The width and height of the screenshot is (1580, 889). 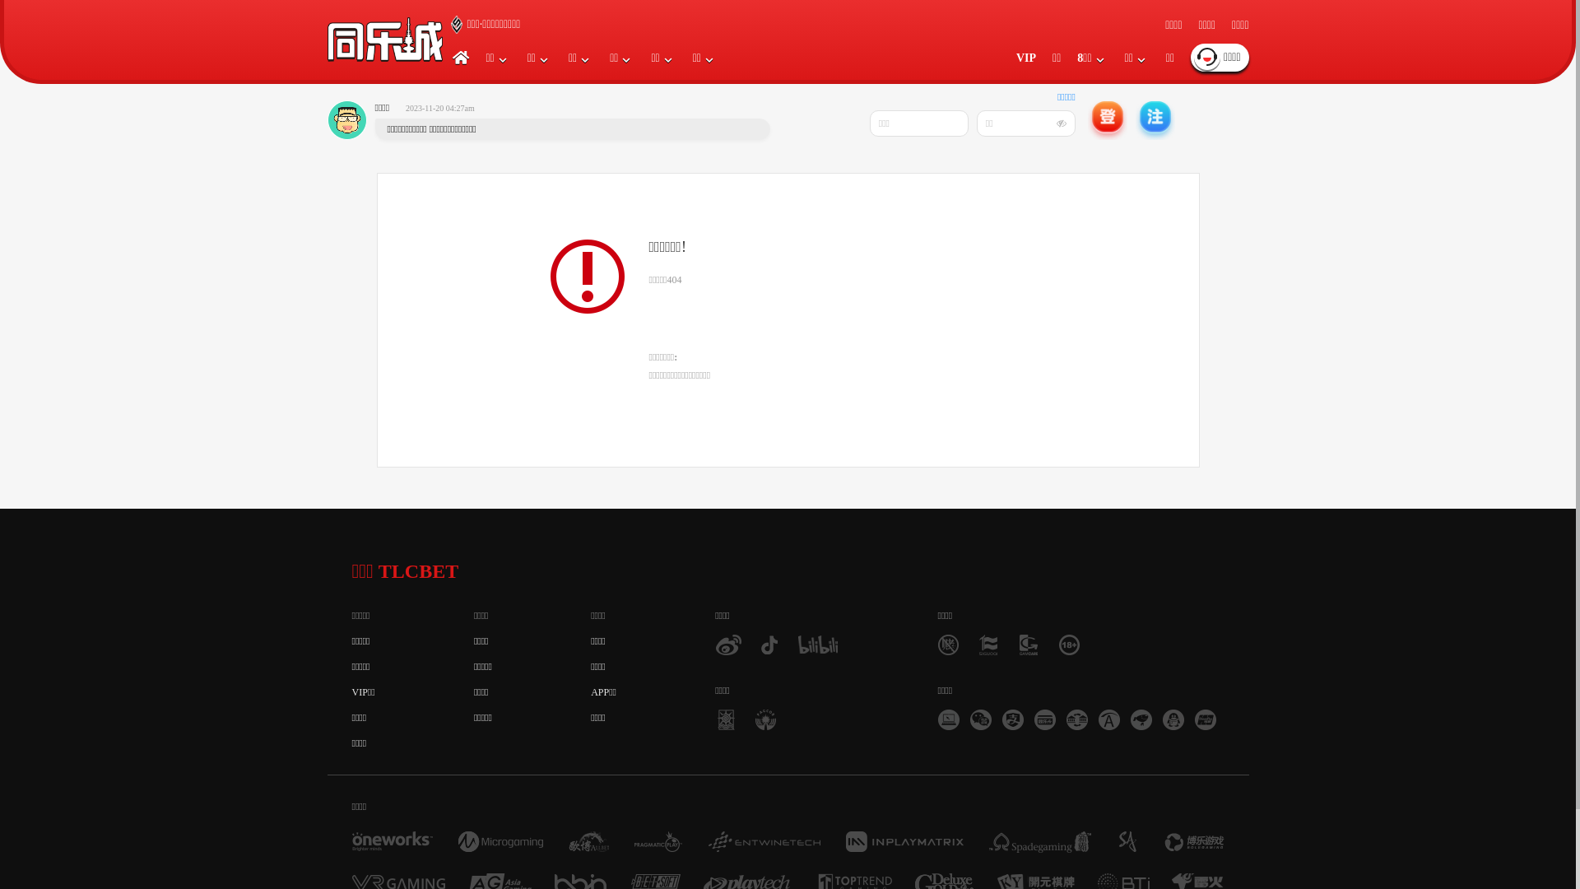 What do you see at coordinates (1025, 57) in the screenshot?
I see `'VIP'` at bounding box center [1025, 57].